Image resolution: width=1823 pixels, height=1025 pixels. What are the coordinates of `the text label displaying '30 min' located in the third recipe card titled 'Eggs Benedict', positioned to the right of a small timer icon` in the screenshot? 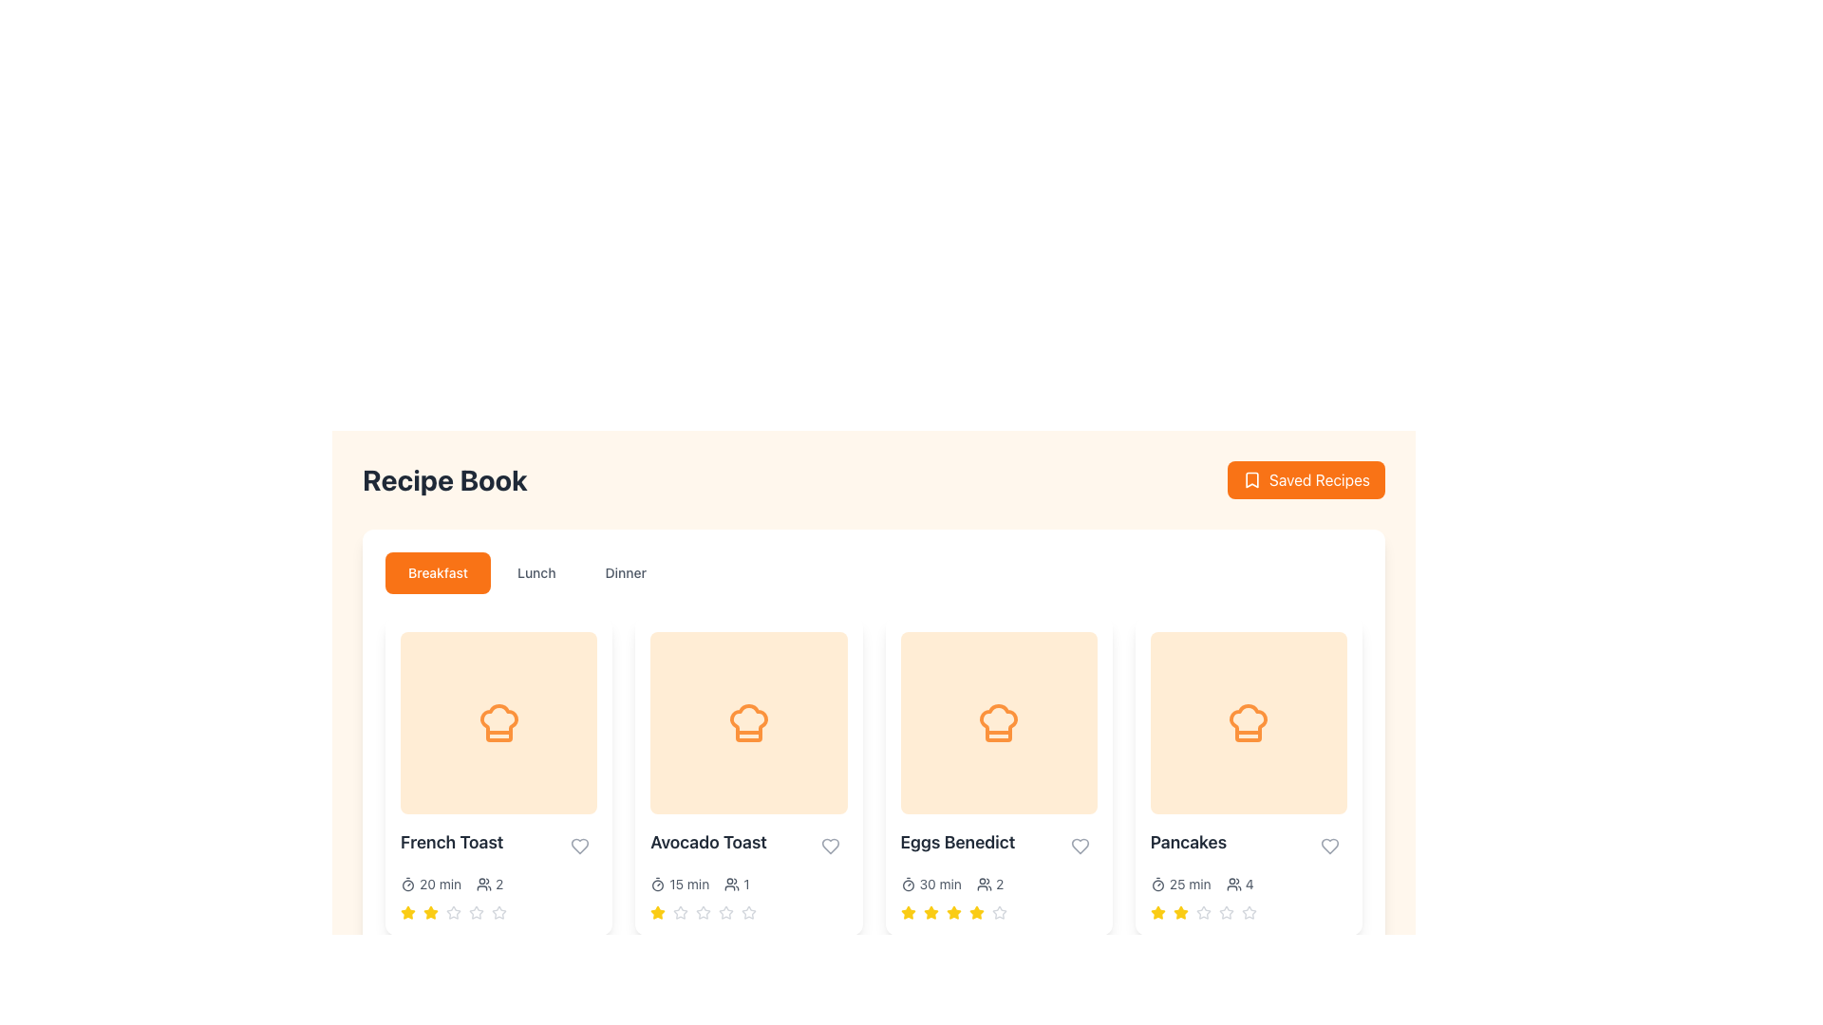 It's located at (940, 885).